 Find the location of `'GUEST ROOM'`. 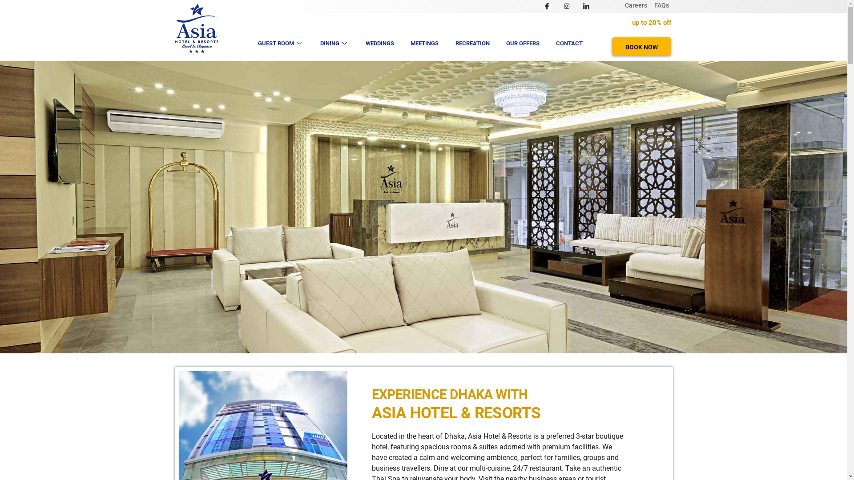

'GUEST ROOM' is located at coordinates (251, 43).